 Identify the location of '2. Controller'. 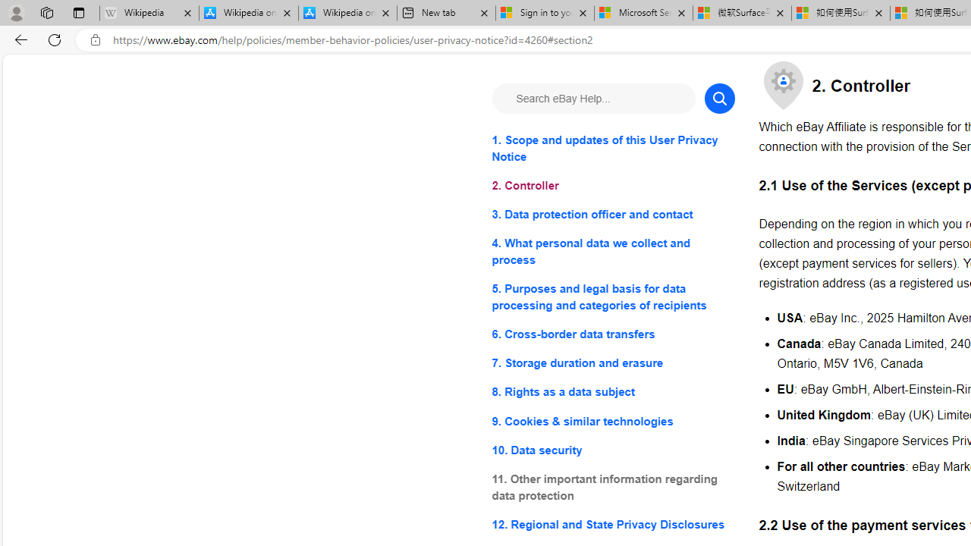
(613, 185).